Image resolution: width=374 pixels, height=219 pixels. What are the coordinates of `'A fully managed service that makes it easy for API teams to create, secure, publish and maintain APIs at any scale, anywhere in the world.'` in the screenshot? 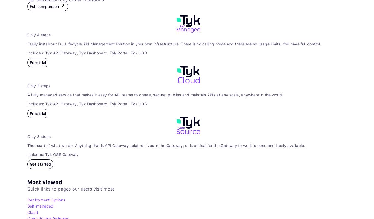 It's located at (155, 94).